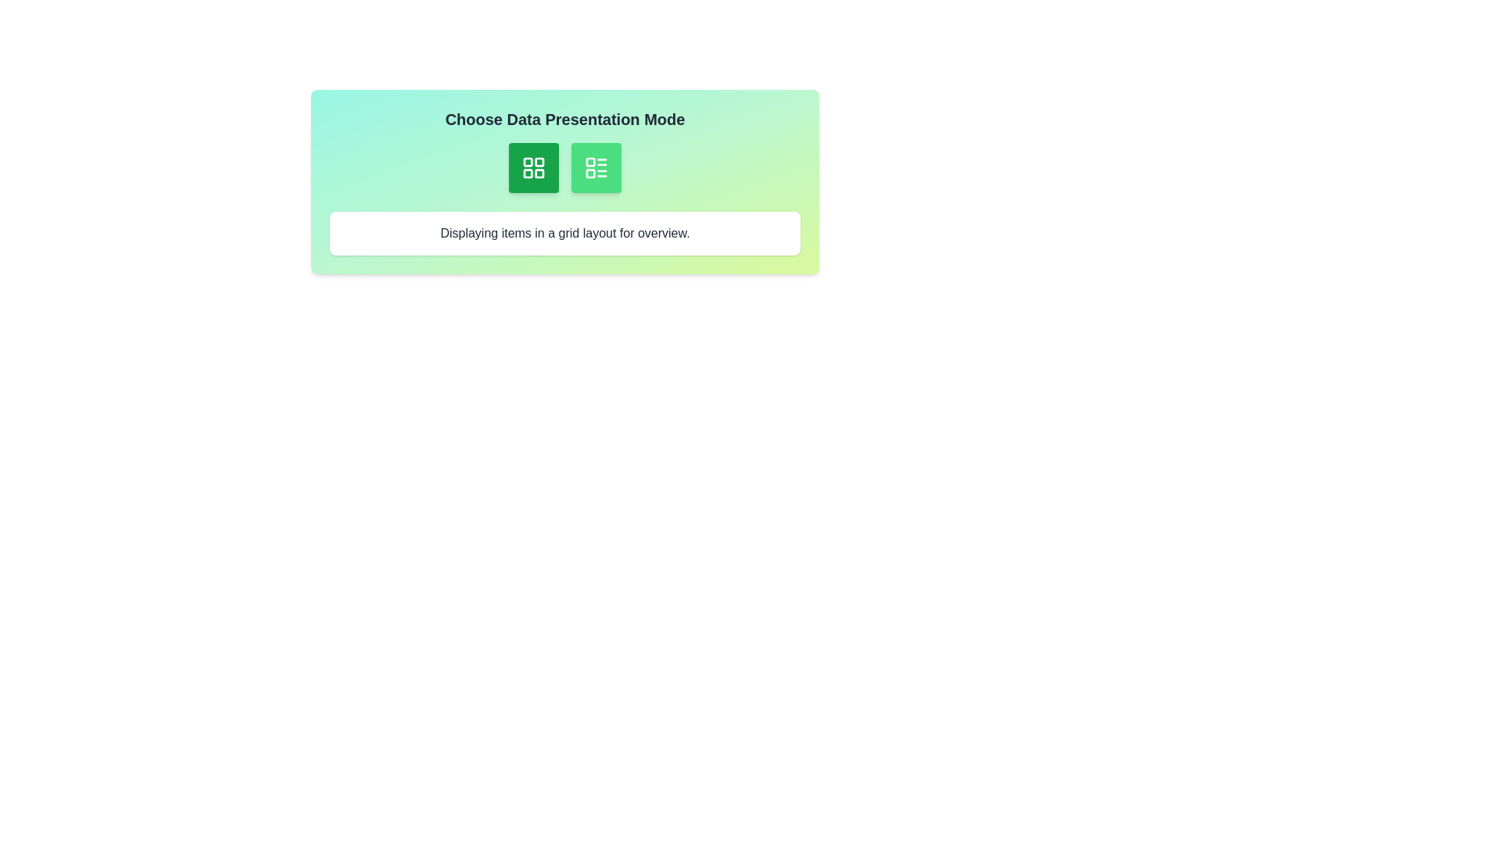  I want to click on the grid icon button to switch to grid data presentation mode, so click(533, 168).